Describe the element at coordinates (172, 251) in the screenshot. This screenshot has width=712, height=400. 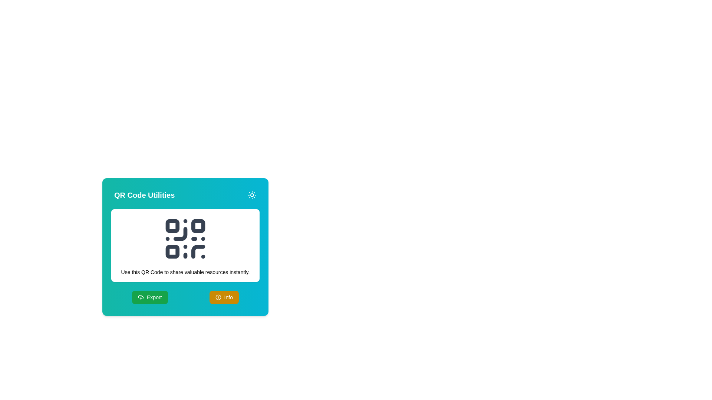
I see `the third small block in the QR code, located towards the bottom left of the QR code grid, which is part of a 3x3 grid pattern` at that location.